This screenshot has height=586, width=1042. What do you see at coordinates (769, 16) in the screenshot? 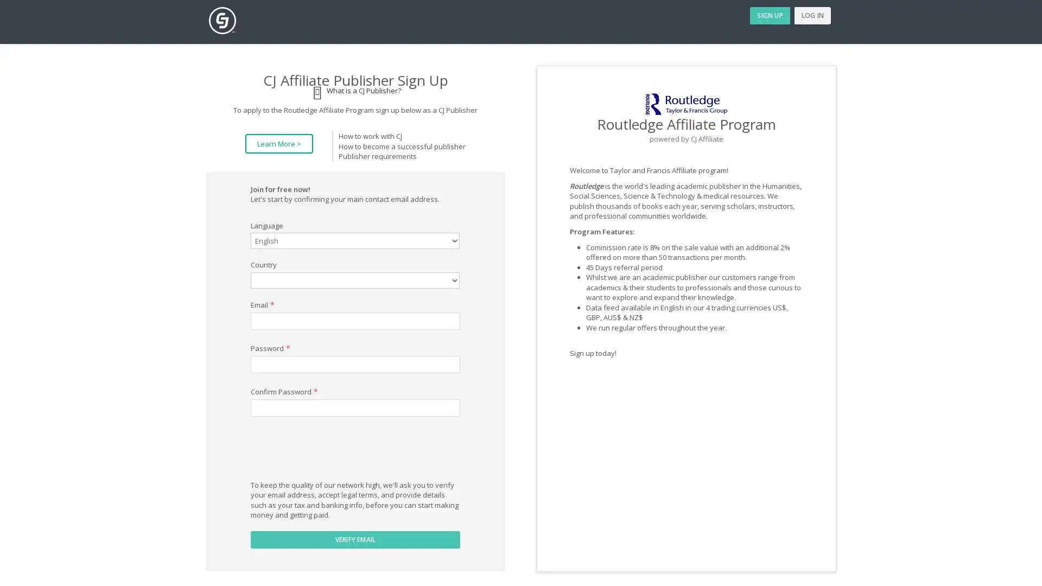
I see `SIGN UP` at bounding box center [769, 16].